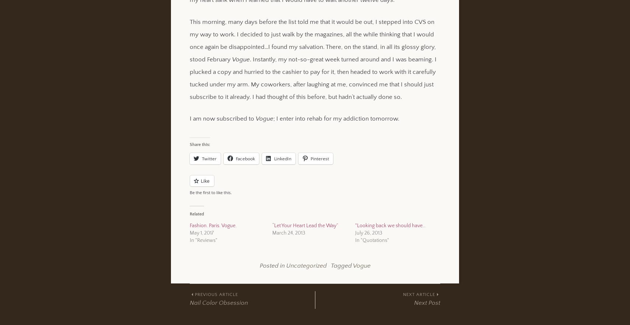 The height and width of the screenshot is (325, 630). I want to click on '; I enter into rehab for my addiction tomorrow.', so click(336, 119).